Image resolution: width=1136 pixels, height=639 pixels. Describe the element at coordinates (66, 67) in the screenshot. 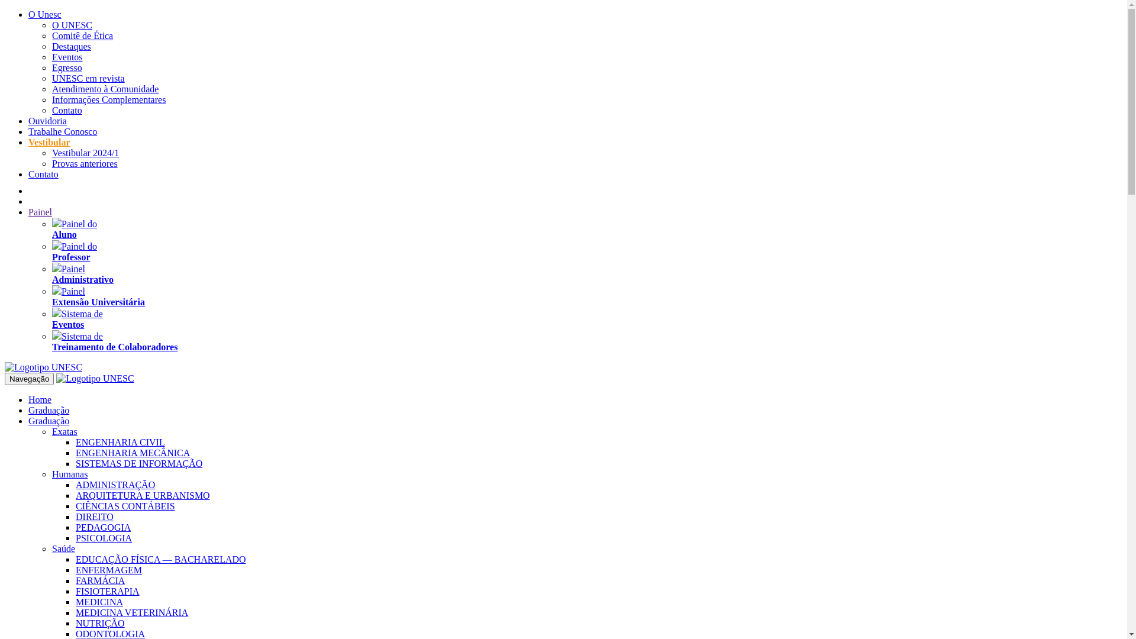

I see `'Egresso'` at that location.